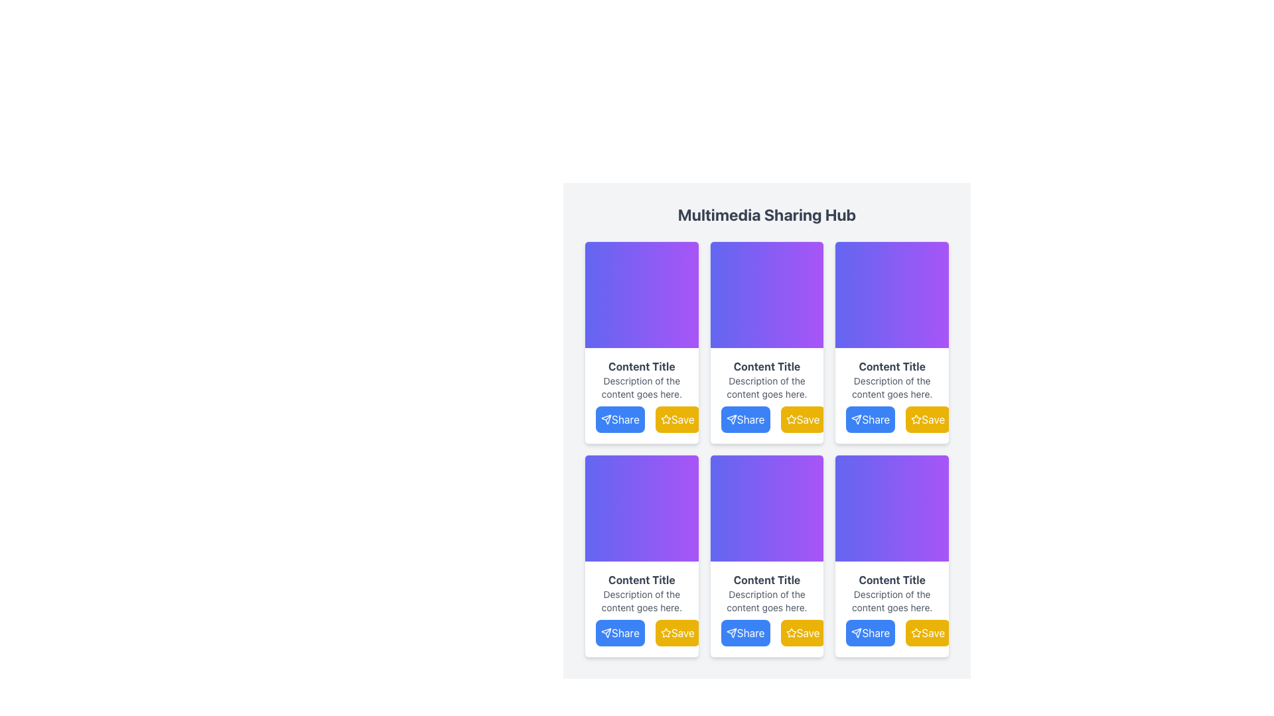  What do you see at coordinates (605, 632) in the screenshot?
I see `the paper plane icon which is part of the share button labeled 'Share' located in the bottom-left corner of the card in the third row, first column of a grid` at bounding box center [605, 632].